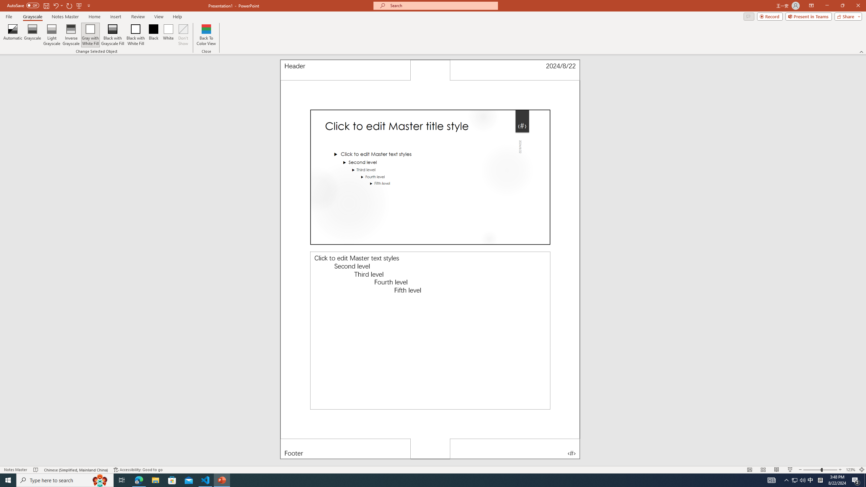 This screenshot has height=487, width=866. I want to click on 'Black', so click(153, 35).